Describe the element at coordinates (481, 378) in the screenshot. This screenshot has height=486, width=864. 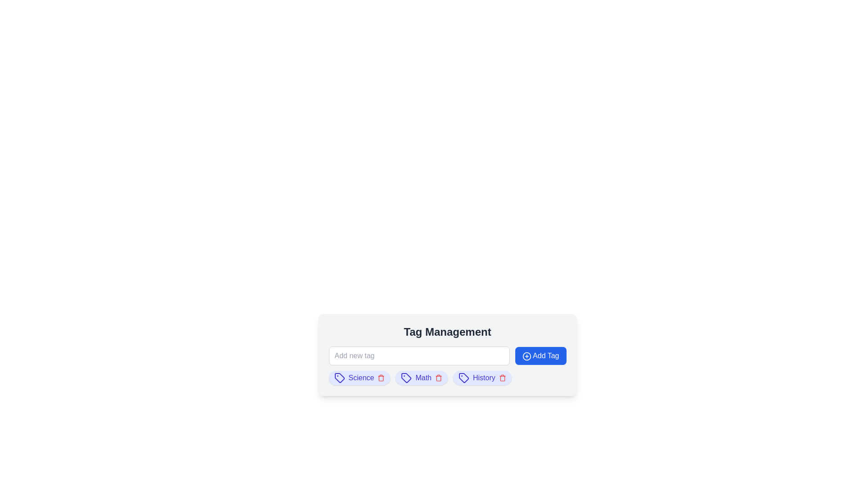
I see `the 'History' tag component, which is the third tag in the row under the 'Tag Management' section` at that location.